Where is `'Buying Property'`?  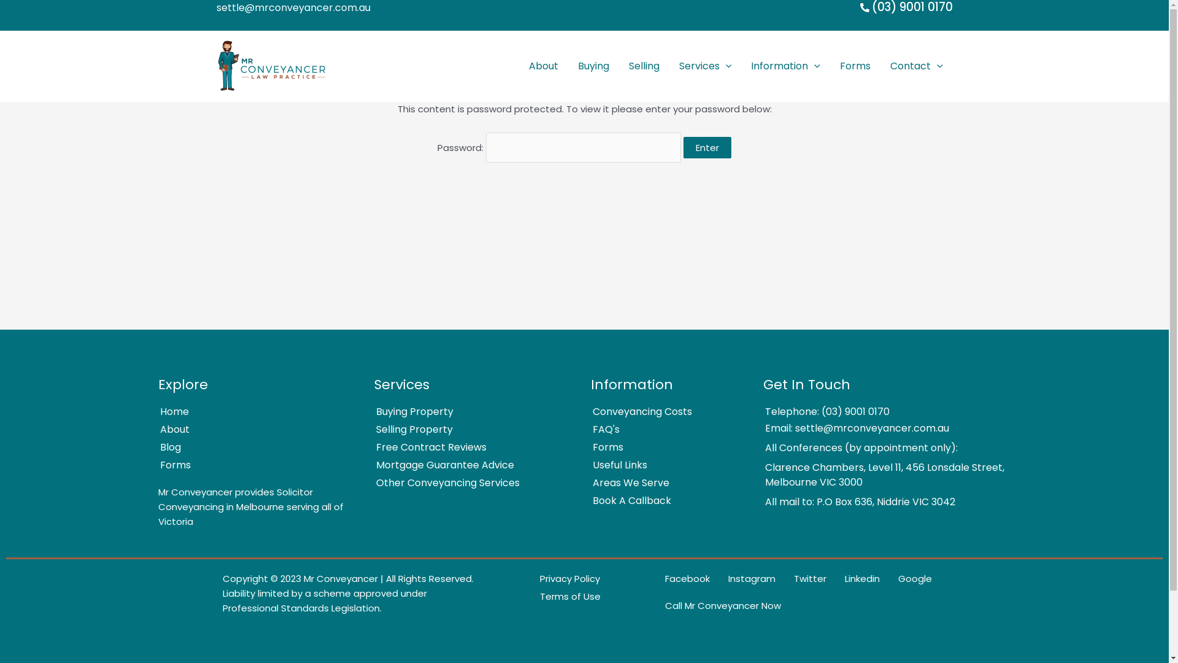
'Buying Property' is located at coordinates (468, 412).